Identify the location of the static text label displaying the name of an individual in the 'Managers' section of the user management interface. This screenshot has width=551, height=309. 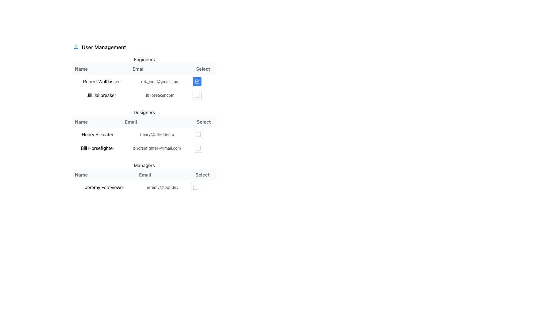
(104, 187).